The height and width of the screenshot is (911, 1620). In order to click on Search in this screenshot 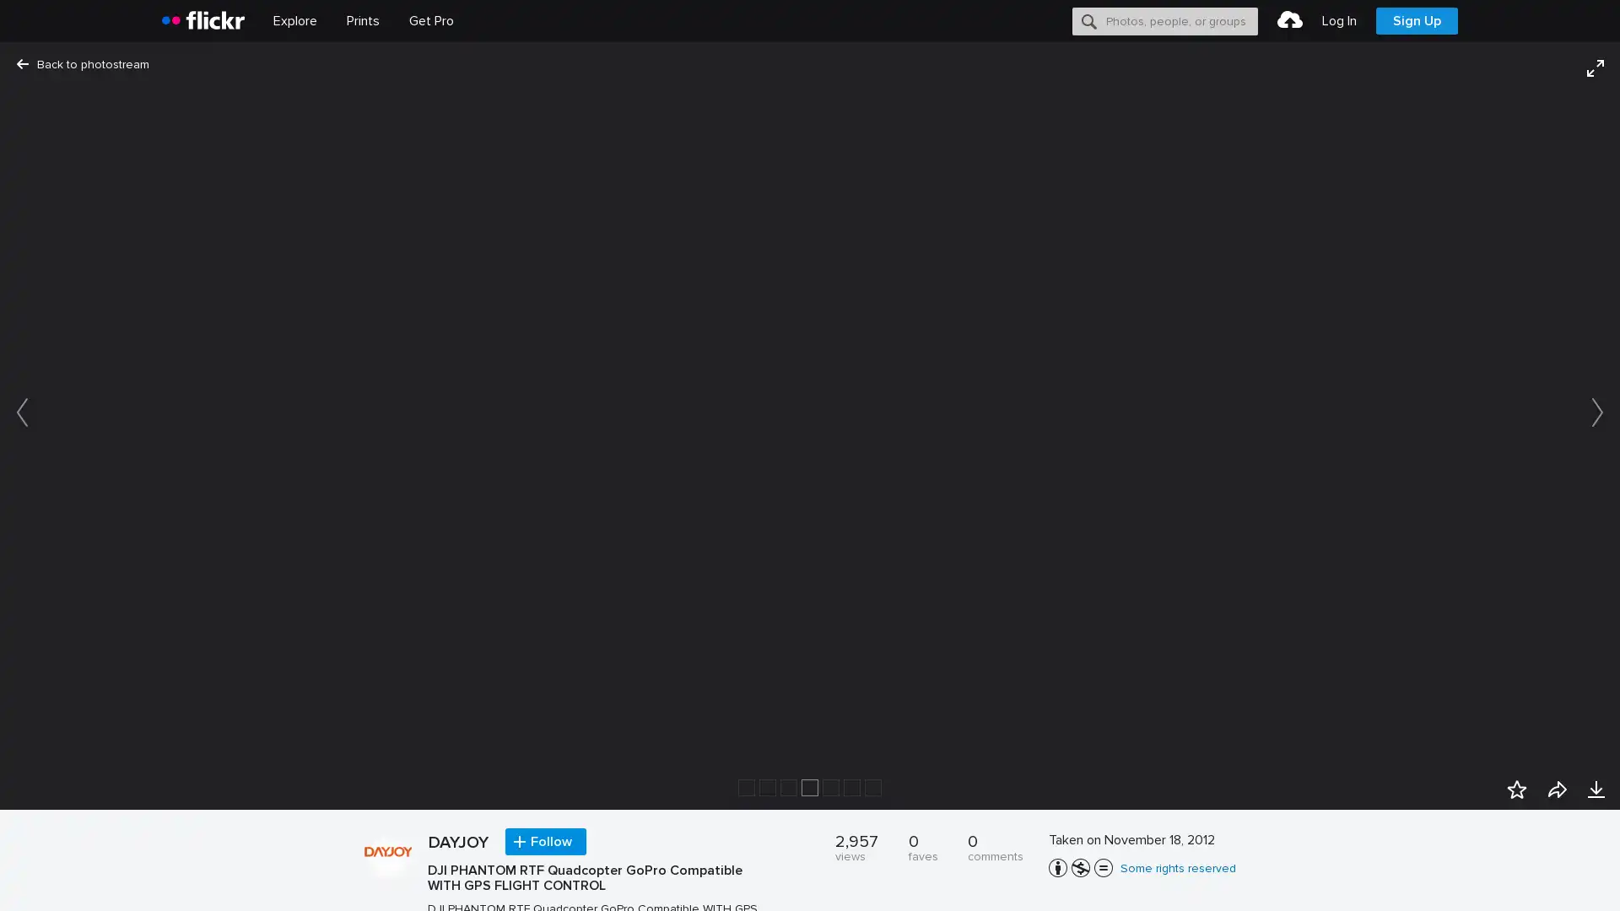, I will do `click(1089, 20)`.